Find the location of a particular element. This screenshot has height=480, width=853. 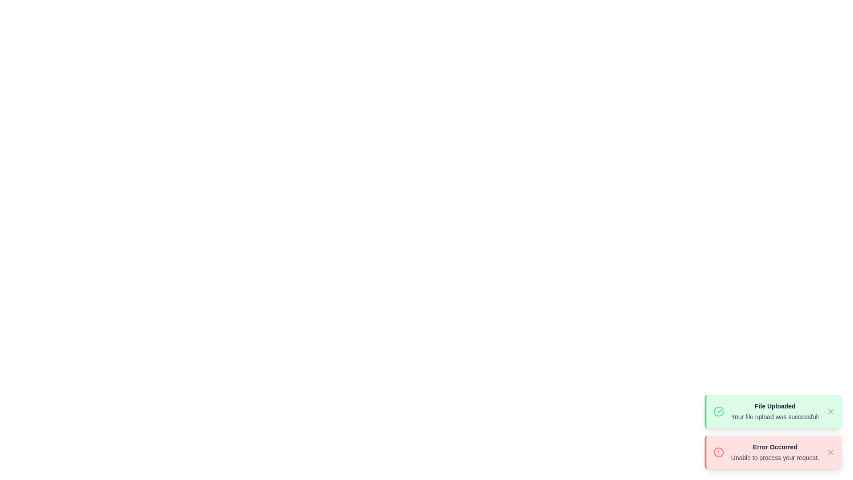

the bold text label reading 'Error Occurred' is located at coordinates (774, 447).